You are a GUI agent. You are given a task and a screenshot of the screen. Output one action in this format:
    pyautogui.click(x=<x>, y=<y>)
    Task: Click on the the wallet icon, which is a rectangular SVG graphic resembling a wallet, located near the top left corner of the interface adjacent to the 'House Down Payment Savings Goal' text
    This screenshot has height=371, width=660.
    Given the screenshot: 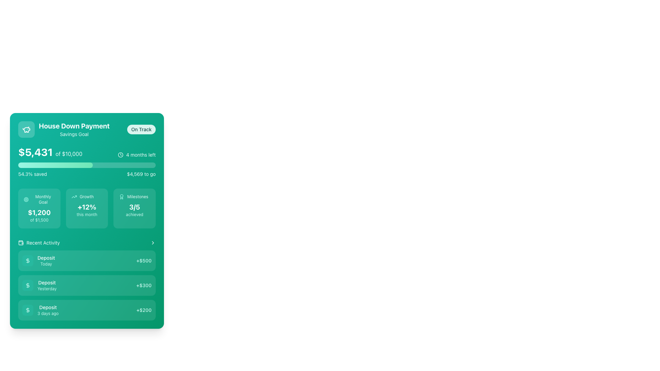 What is the action you would take?
    pyautogui.click(x=21, y=242)
    